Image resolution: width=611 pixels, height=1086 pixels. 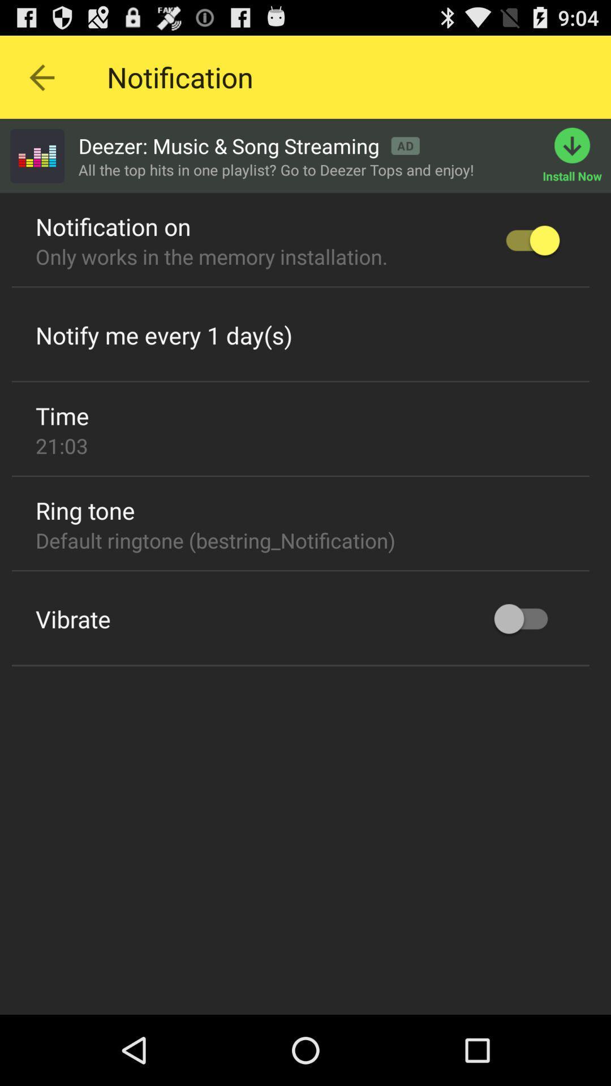 I want to click on back, so click(x=41, y=76).